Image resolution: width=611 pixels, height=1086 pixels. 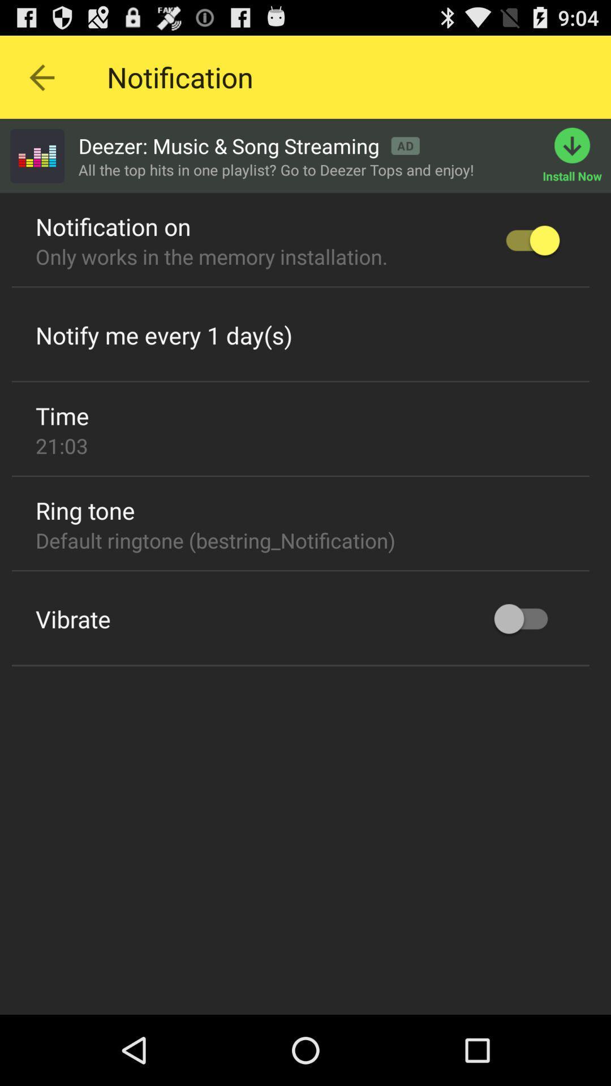 I want to click on back, so click(x=41, y=76).